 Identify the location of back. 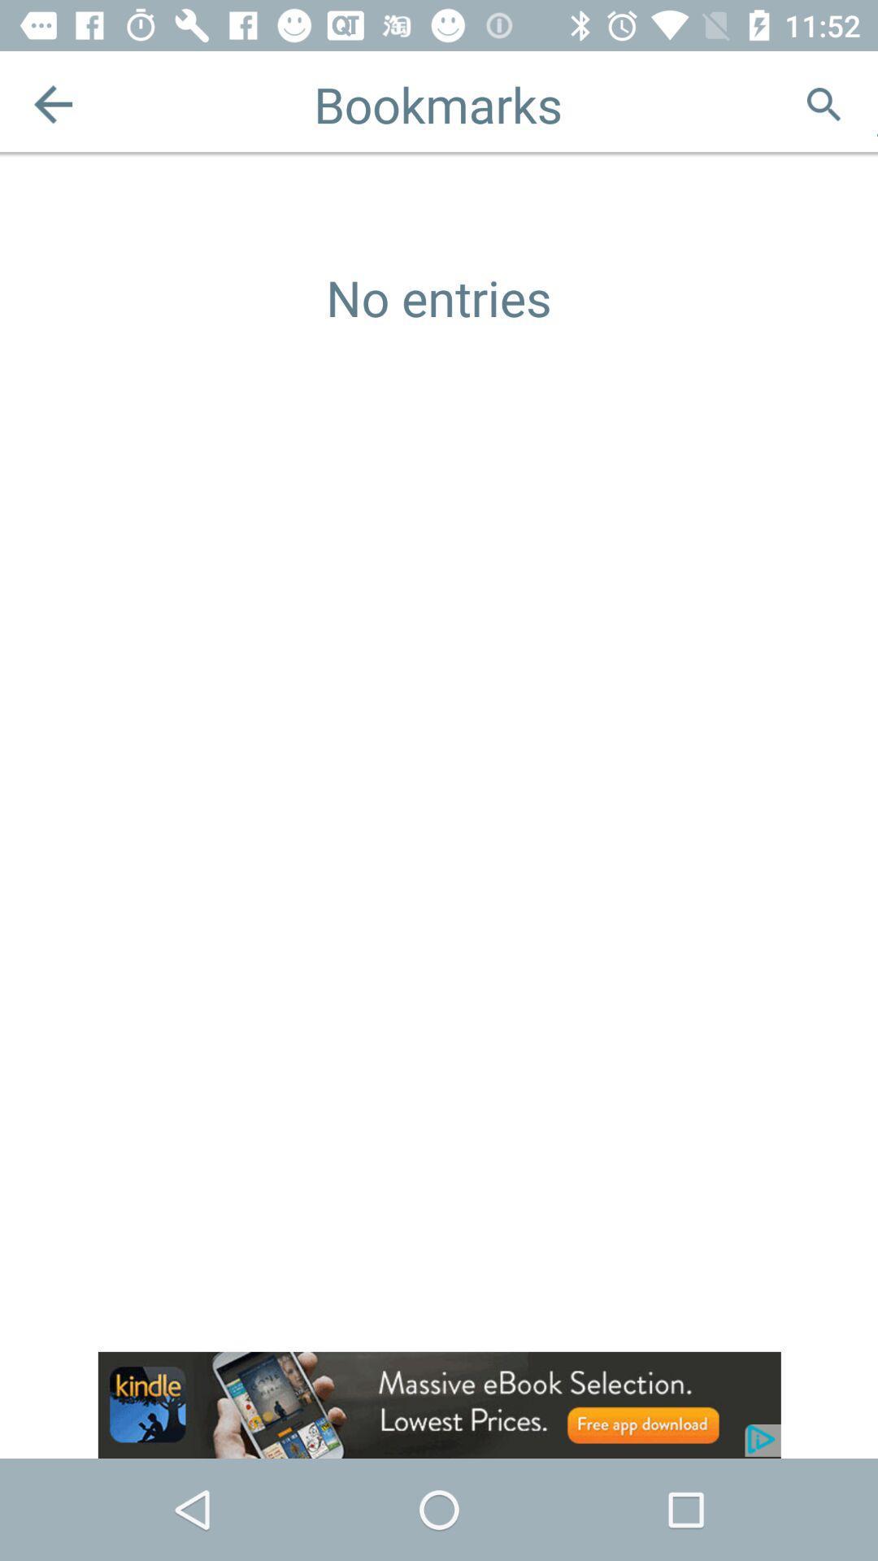
(52, 103).